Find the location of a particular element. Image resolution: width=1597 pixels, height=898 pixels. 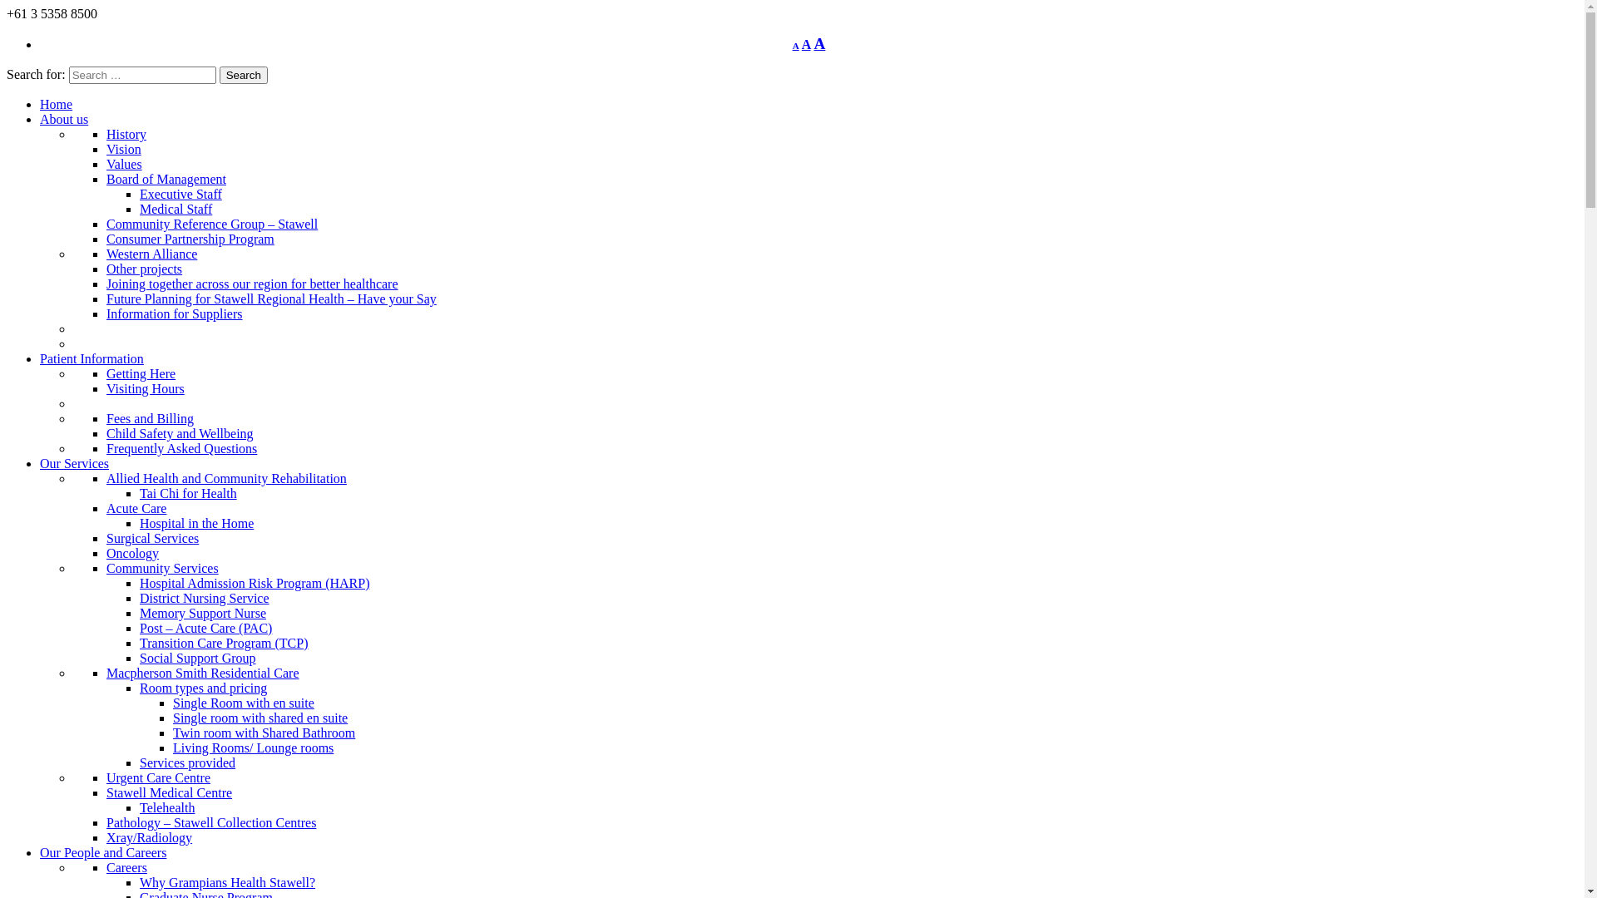

'Macpherson Smith Residential Care' is located at coordinates (202, 672).